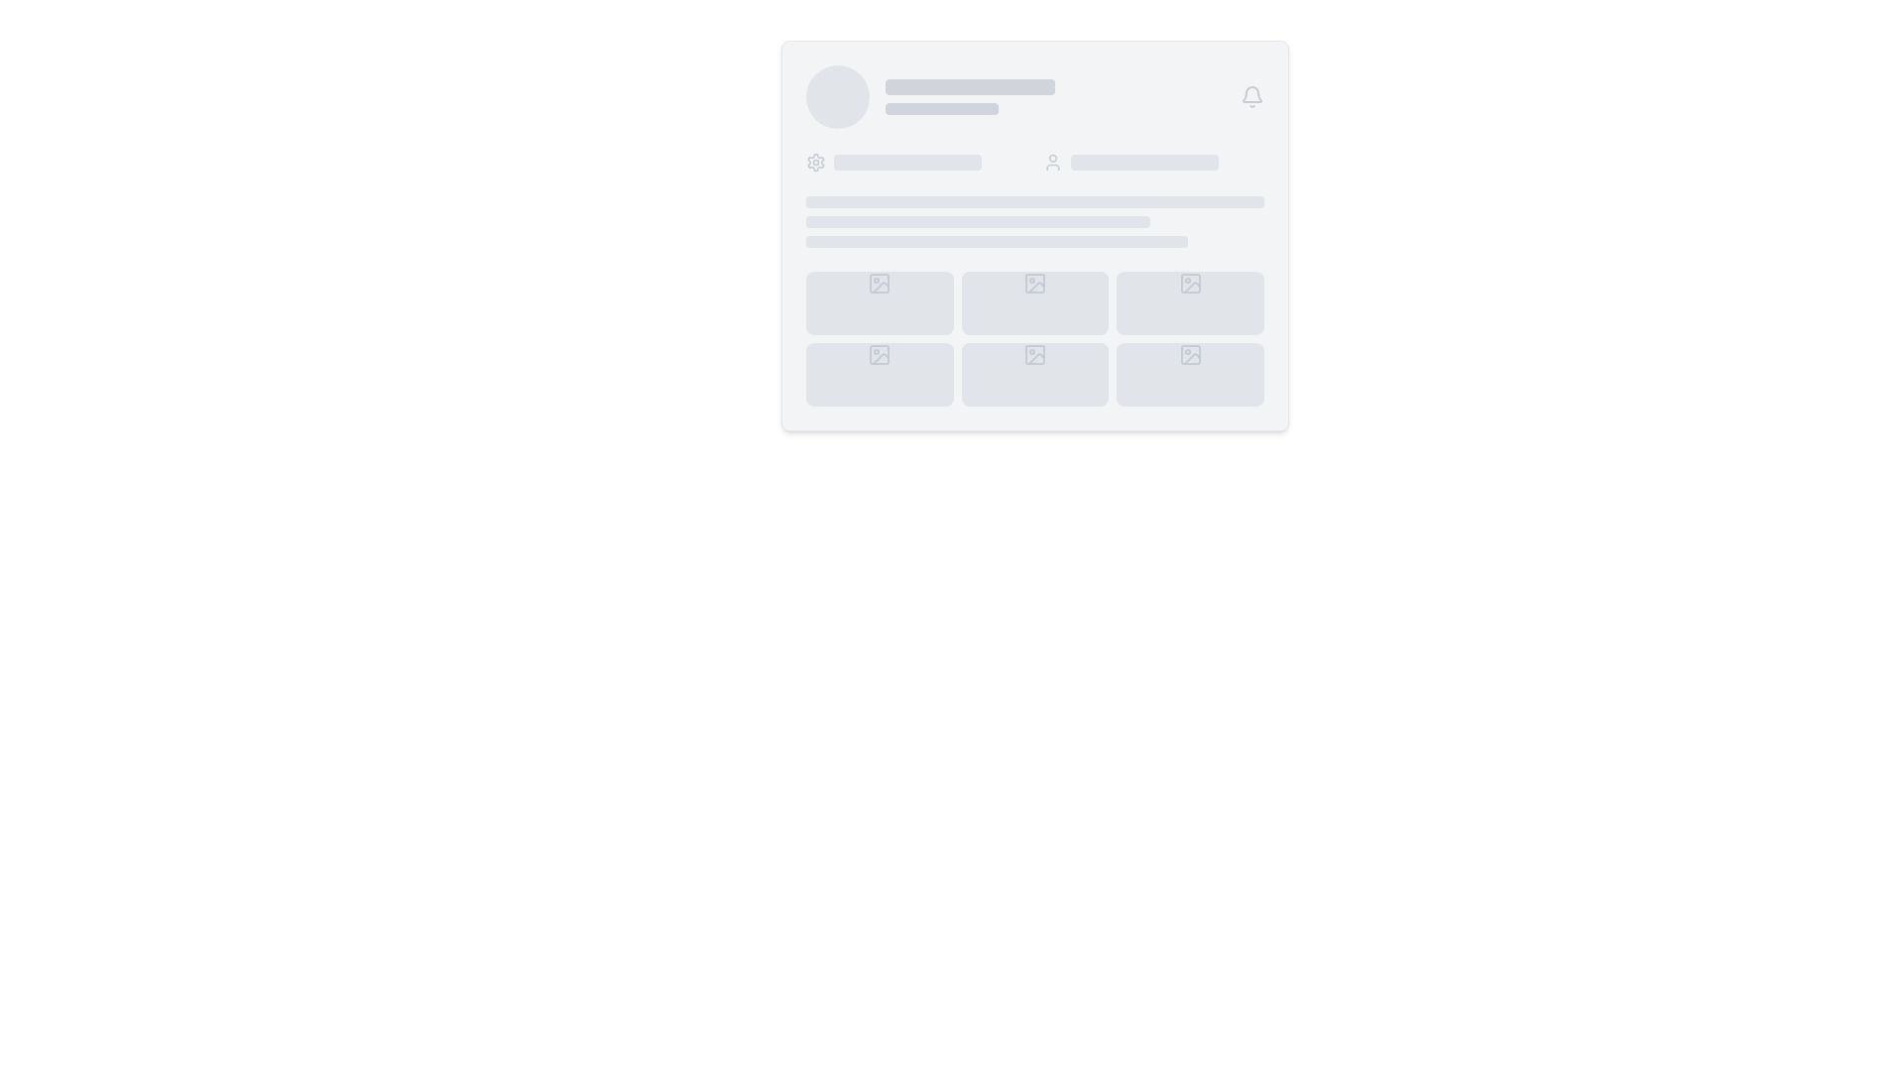  What do you see at coordinates (879, 354) in the screenshot?
I see `the Icon placeholder` at bounding box center [879, 354].